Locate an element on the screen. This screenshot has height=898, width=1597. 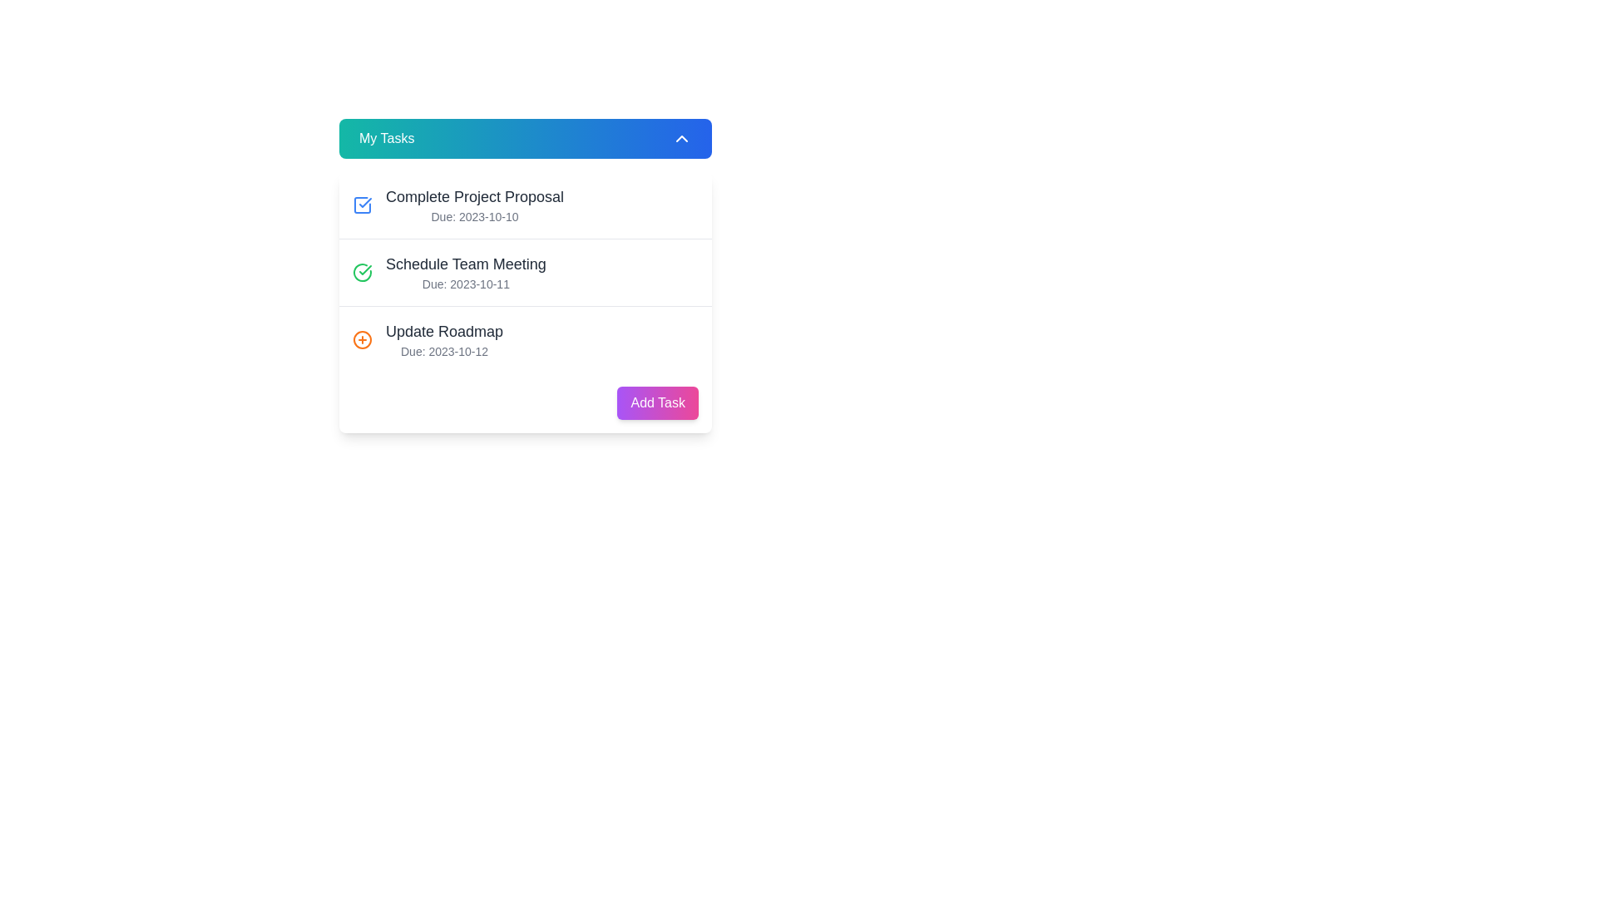
the green circular icon with a checkmark next to the text 'Complete Project Proposal' at the top of the task list is located at coordinates (364, 269).